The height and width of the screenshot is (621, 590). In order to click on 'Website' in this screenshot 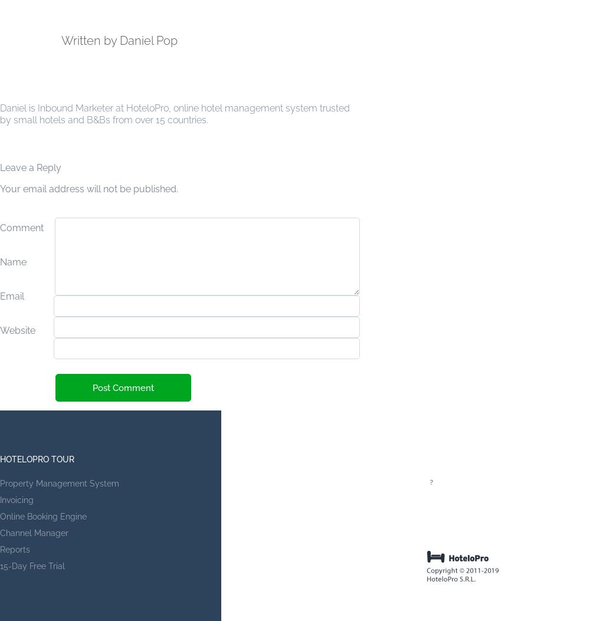, I will do `click(0, 330)`.